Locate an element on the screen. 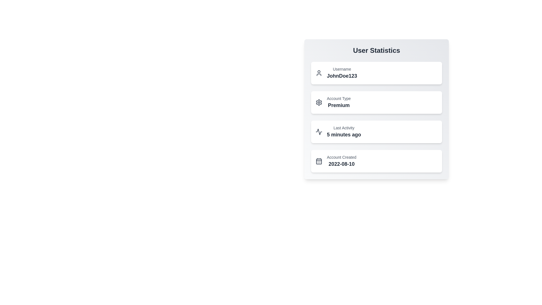  the informational timestamp text label indicating the date when the account was created, located at the lower right corner of the 'User Statistics' panel is located at coordinates (341, 164).